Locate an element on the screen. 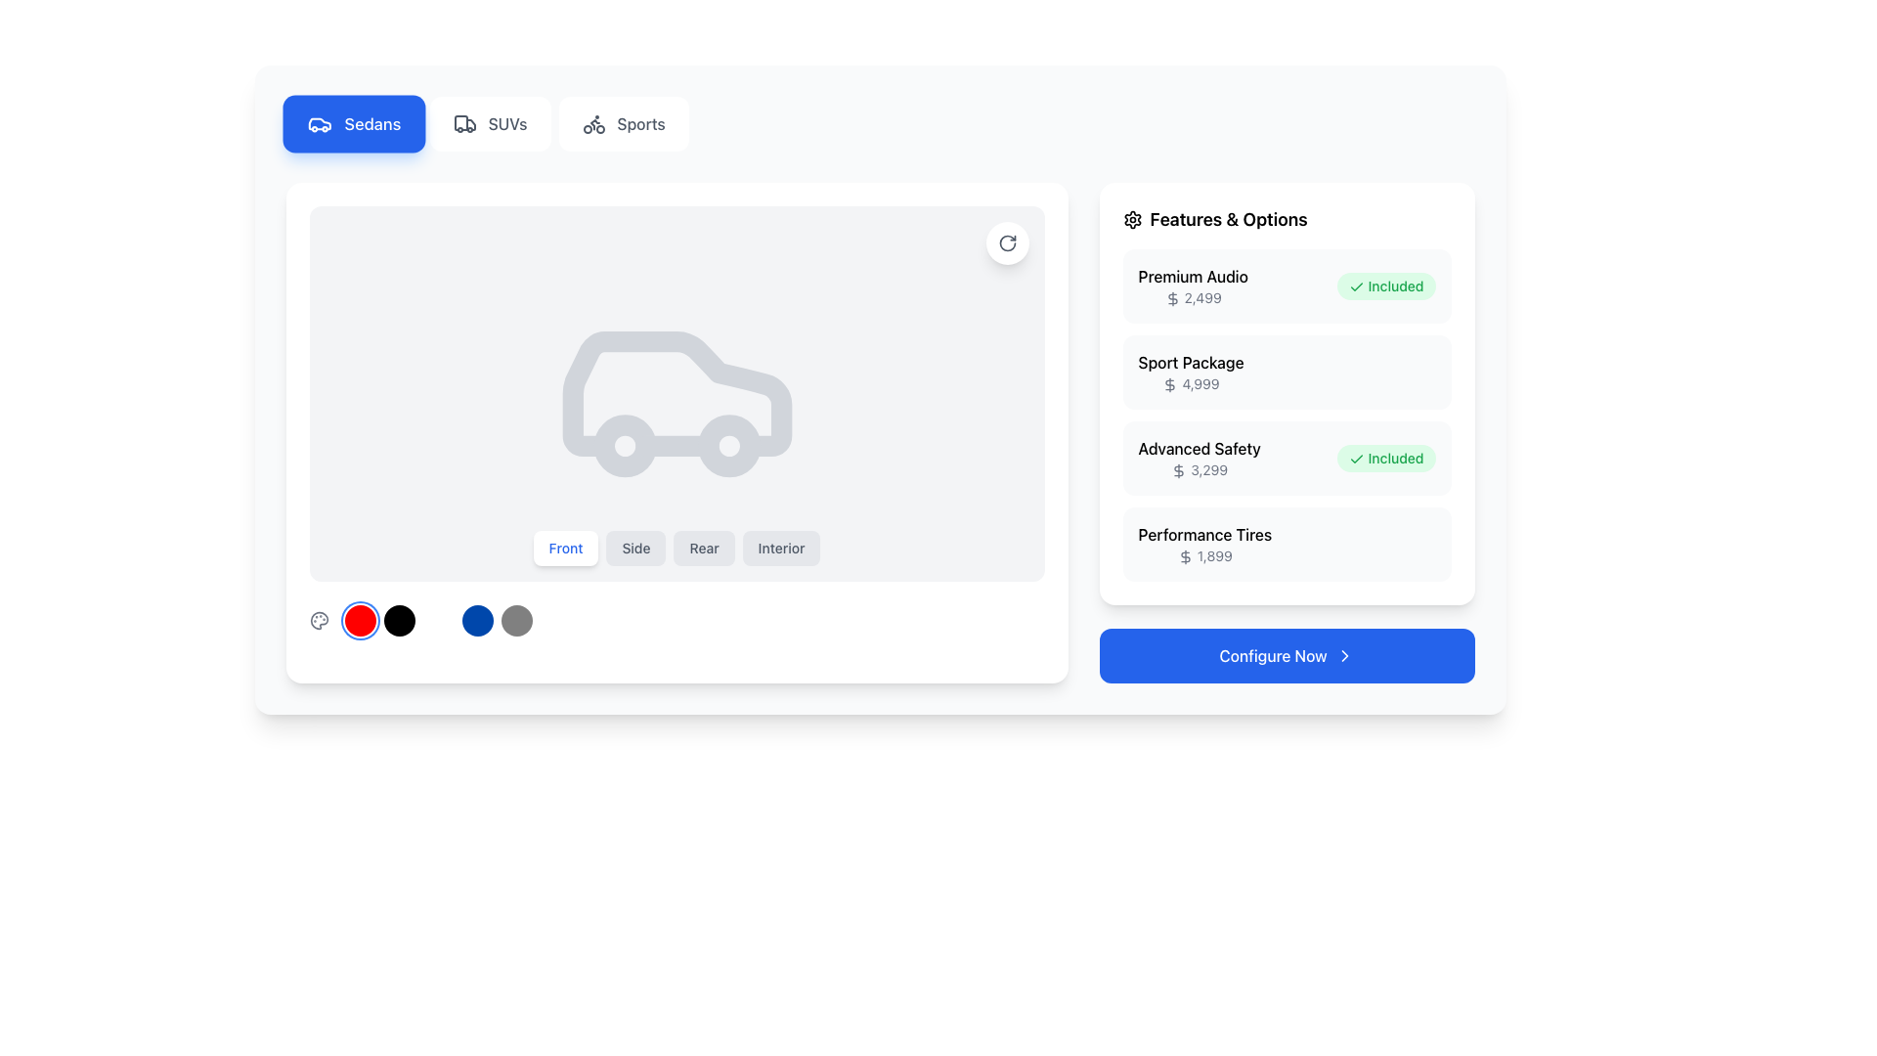 Image resolution: width=1877 pixels, height=1056 pixels. the bike icon in the navigation bar is located at coordinates (592, 124).